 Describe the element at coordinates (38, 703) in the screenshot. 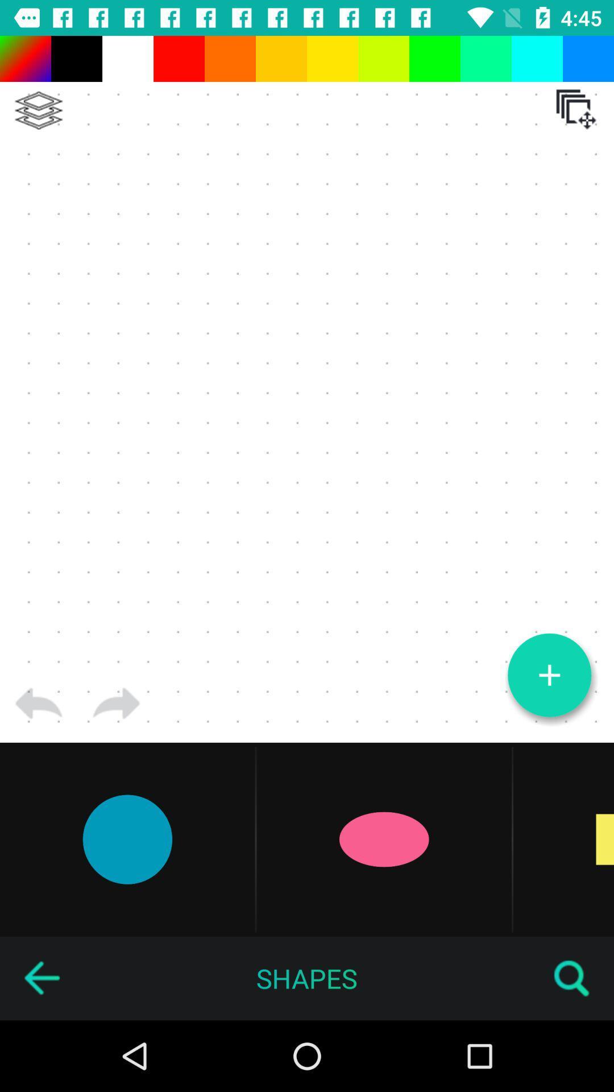

I see `go back` at that location.